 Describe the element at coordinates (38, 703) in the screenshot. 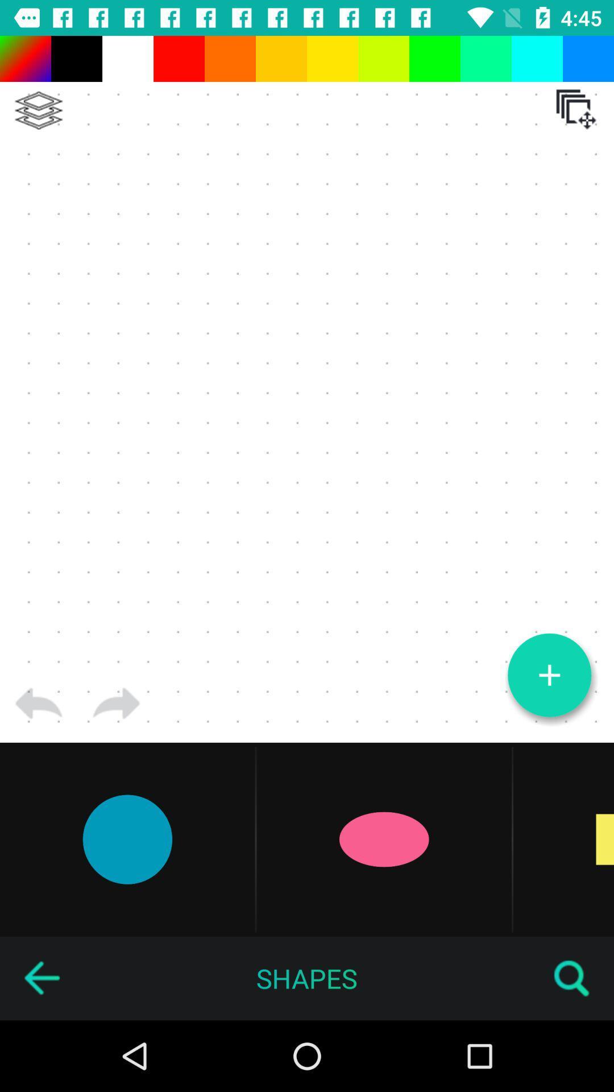

I see `go back` at that location.